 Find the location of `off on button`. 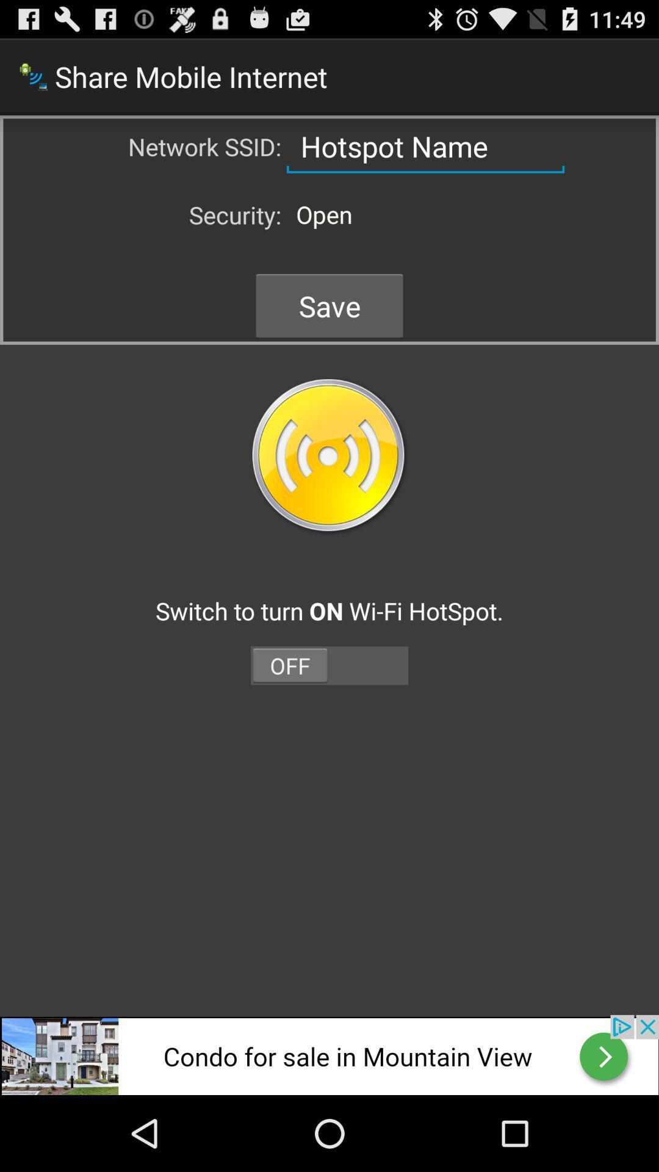

off on button is located at coordinates (329, 665).